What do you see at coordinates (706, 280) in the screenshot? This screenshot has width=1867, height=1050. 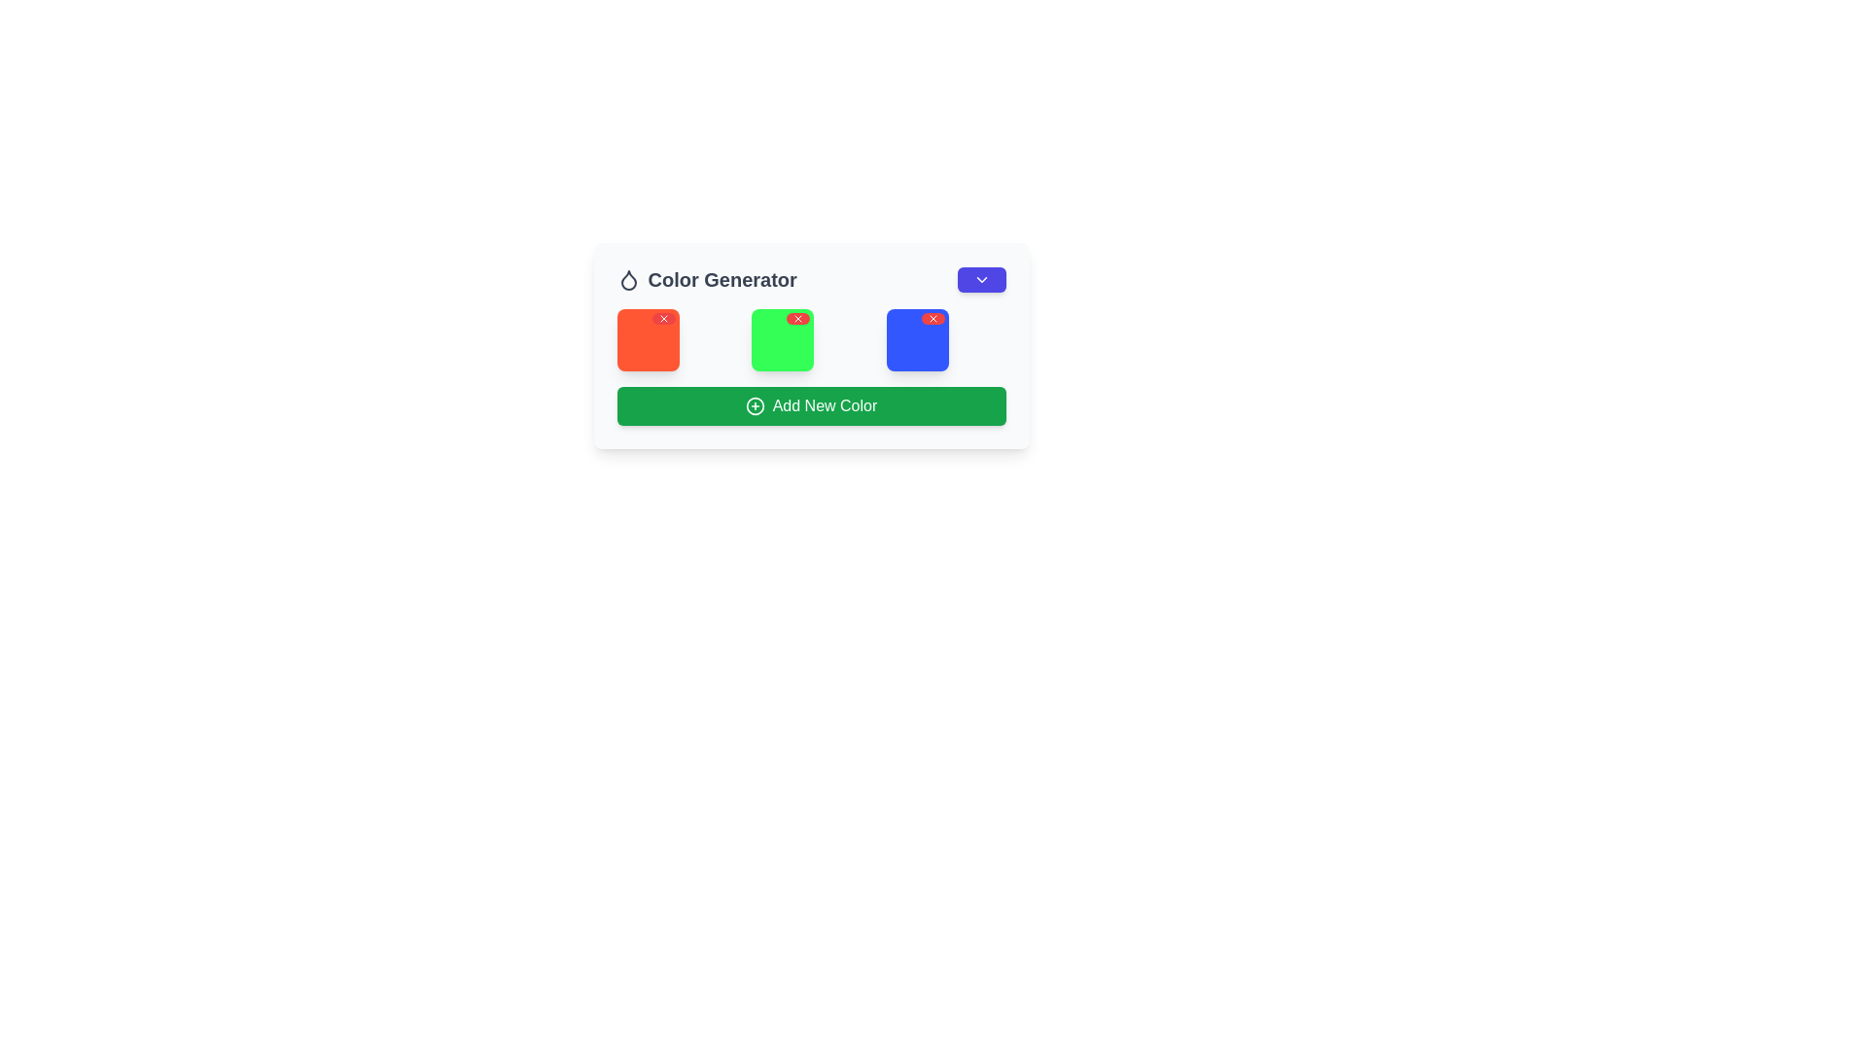 I see `text label in the top-left section that indicates the purpose of the UI section related to color functionalities` at bounding box center [706, 280].